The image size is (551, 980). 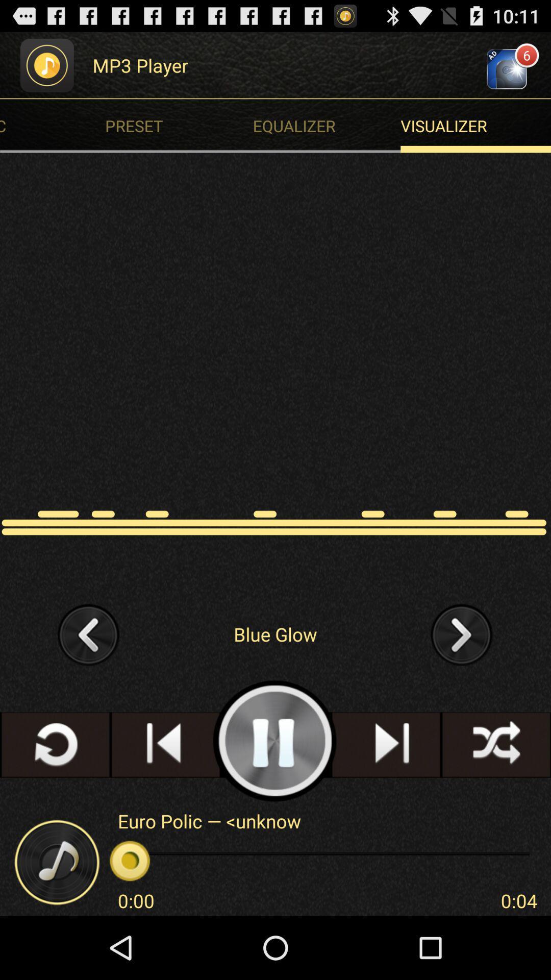 I want to click on the arrow_backward icon, so click(x=88, y=678).